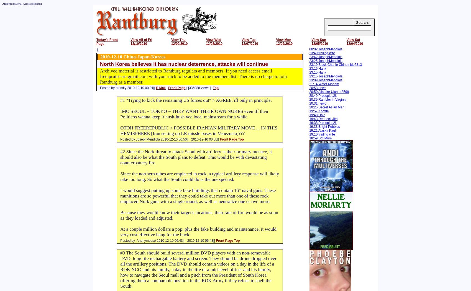 The width and height of the screenshot is (471, 291). Describe the element at coordinates (324, 84) in the screenshot. I see `'21:14 Water Modem'` at that location.